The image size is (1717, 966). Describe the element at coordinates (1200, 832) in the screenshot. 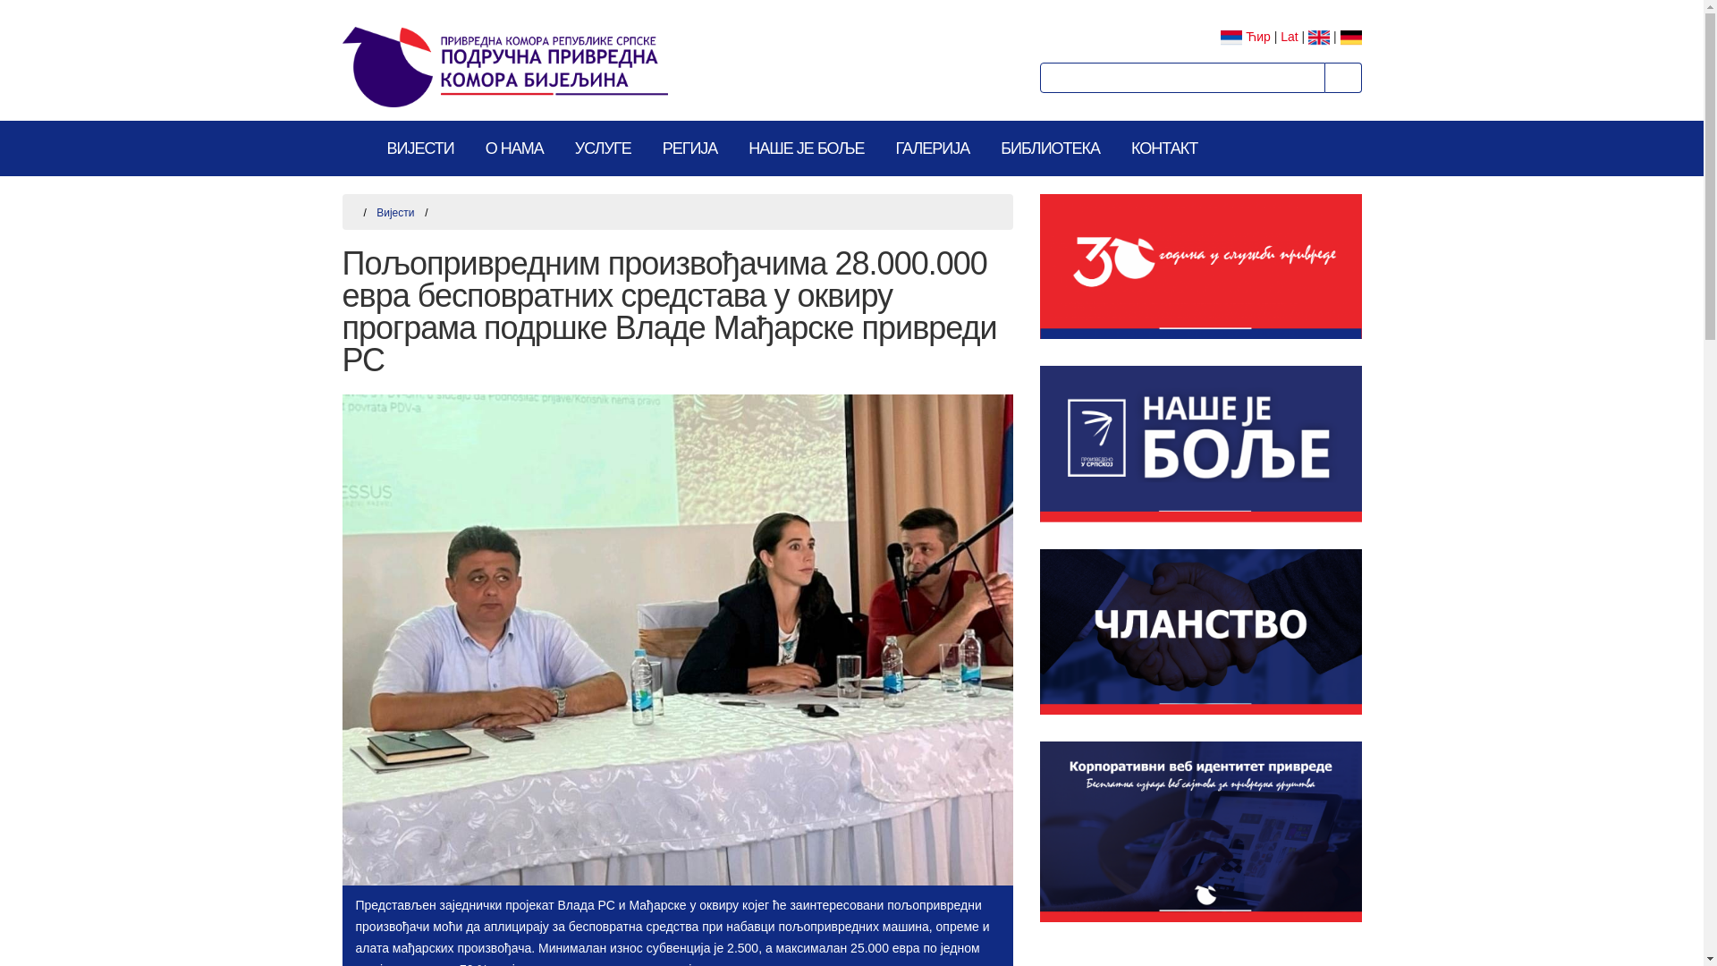

I see `'Korporativni veb identitet privrede '` at that location.